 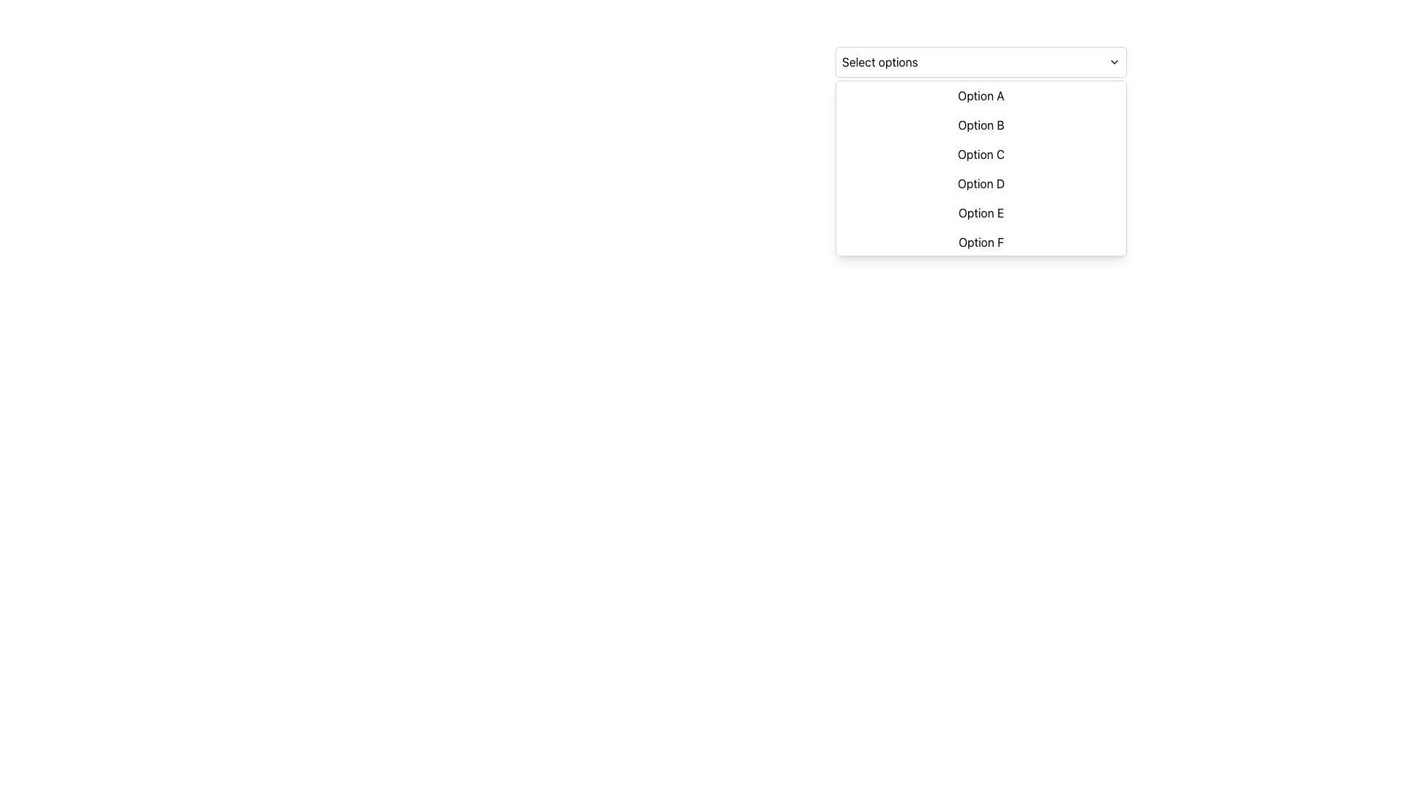 I want to click on the text label displaying 'Option E' in the dropdown menu, which is the fifth item in the list, so click(x=981, y=212).